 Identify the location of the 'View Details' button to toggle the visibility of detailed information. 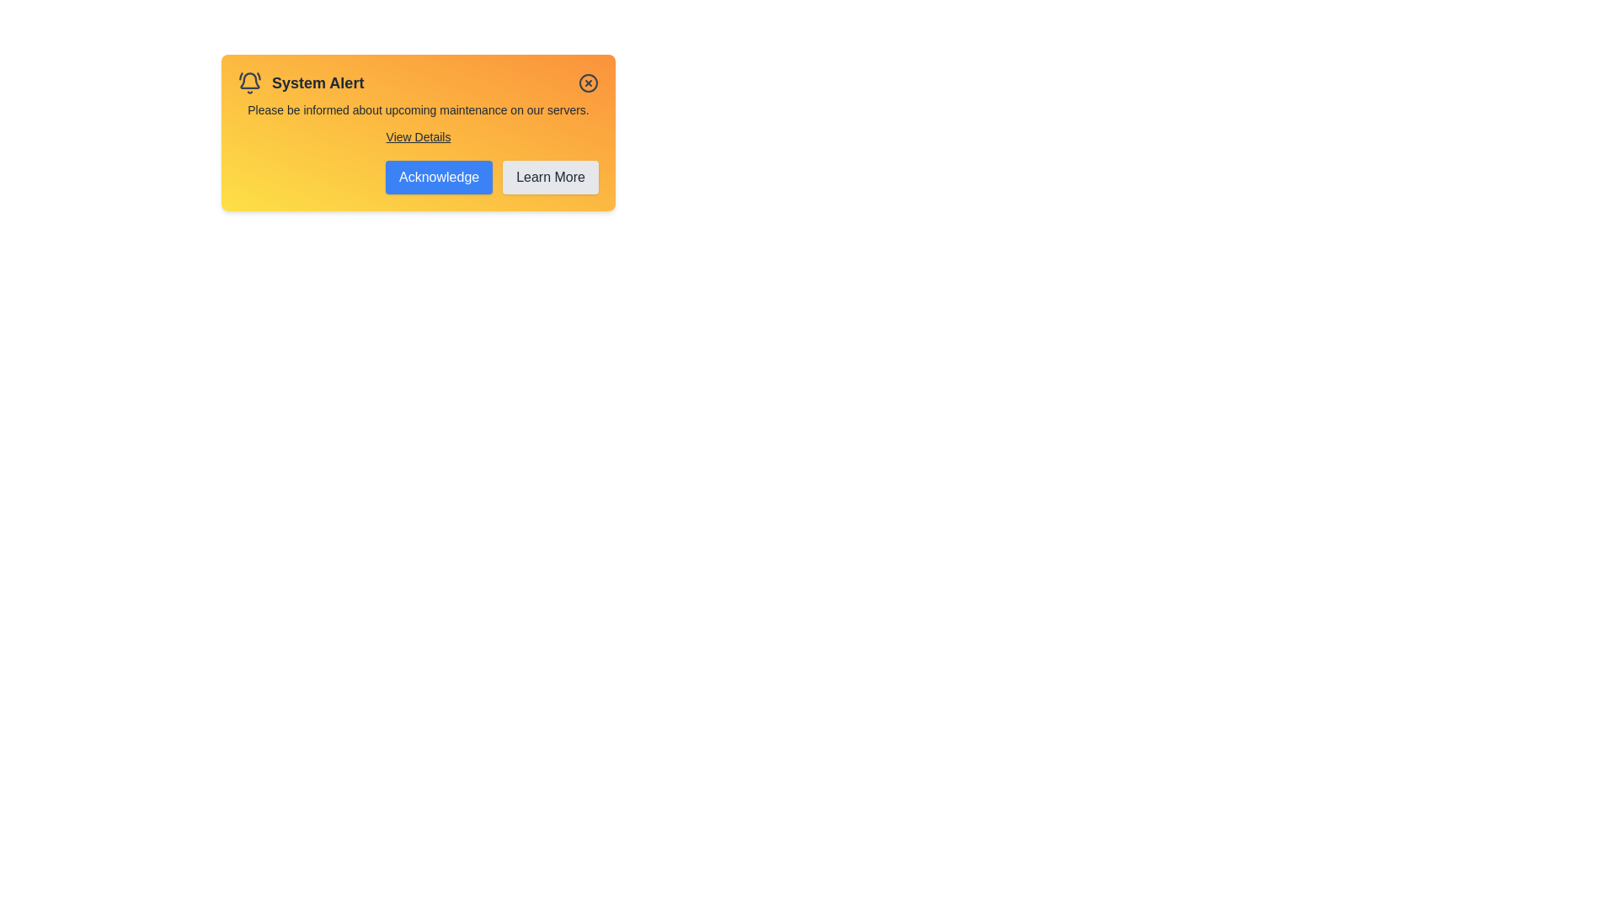
(419, 136).